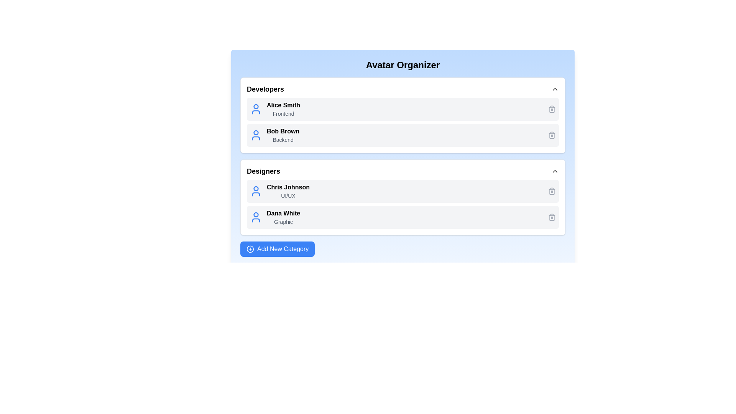 This screenshot has width=736, height=414. Describe the element at coordinates (288, 195) in the screenshot. I see `the text label 'UI/UX' which is in a smaller gray font located just below 'Chris Johnson' in the 'Designers' category section` at that location.